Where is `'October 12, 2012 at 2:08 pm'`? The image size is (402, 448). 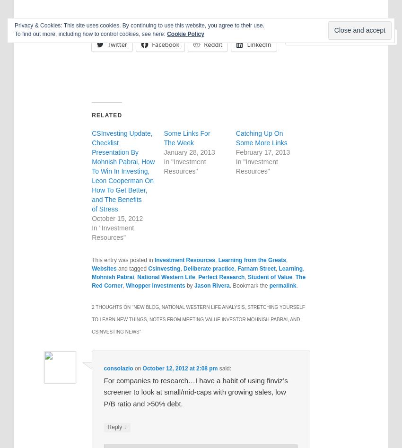 'October 12, 2012 at 2:08 pm' is located at coordinates (142, 369).